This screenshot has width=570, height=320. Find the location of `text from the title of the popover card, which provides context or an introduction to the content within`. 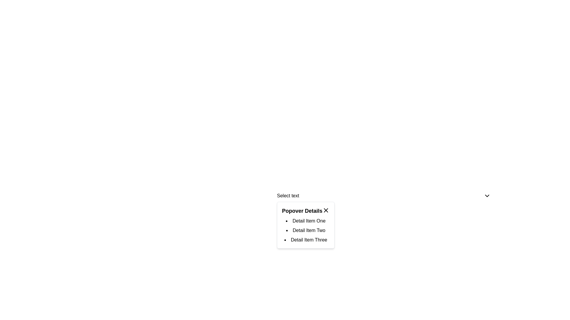

text from the title of the popover card, which provides context or an introduction to the content within is located at coordinates (302, 211).